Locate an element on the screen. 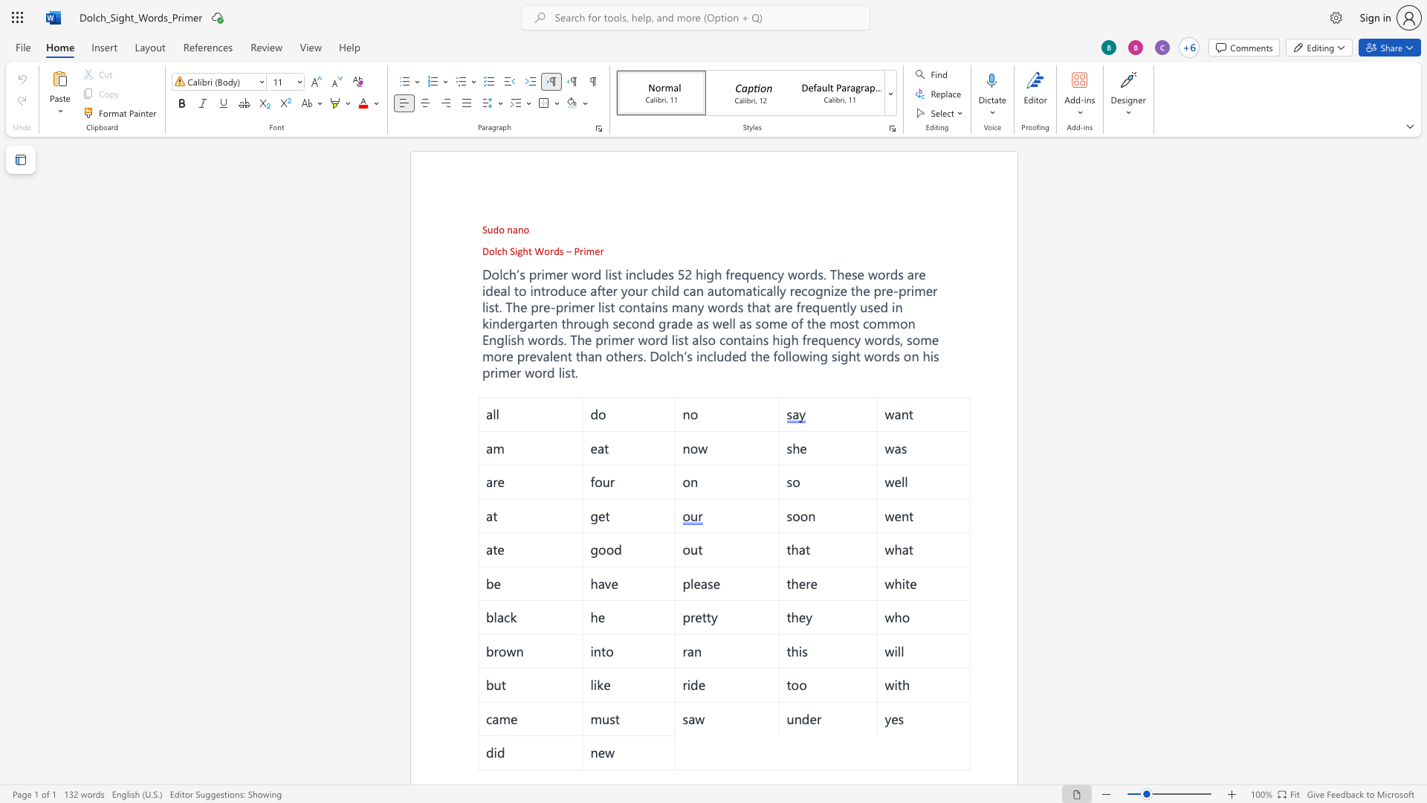  the 1th character "s" in the text is located at coordinates (740, 306).